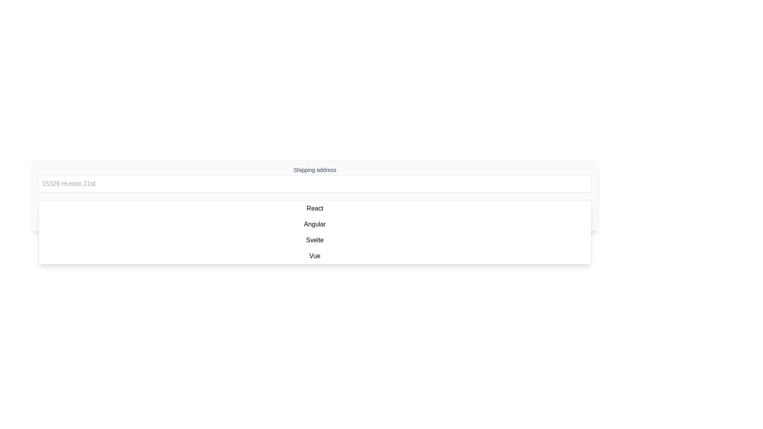 The width and height of the screenshot is (763, 429). Describe the element at coordinates (314, 256) in the screenshot. I see `the list item displaying 'Vue' in bold black font, which is the last item in the dropdown menu` at that location.